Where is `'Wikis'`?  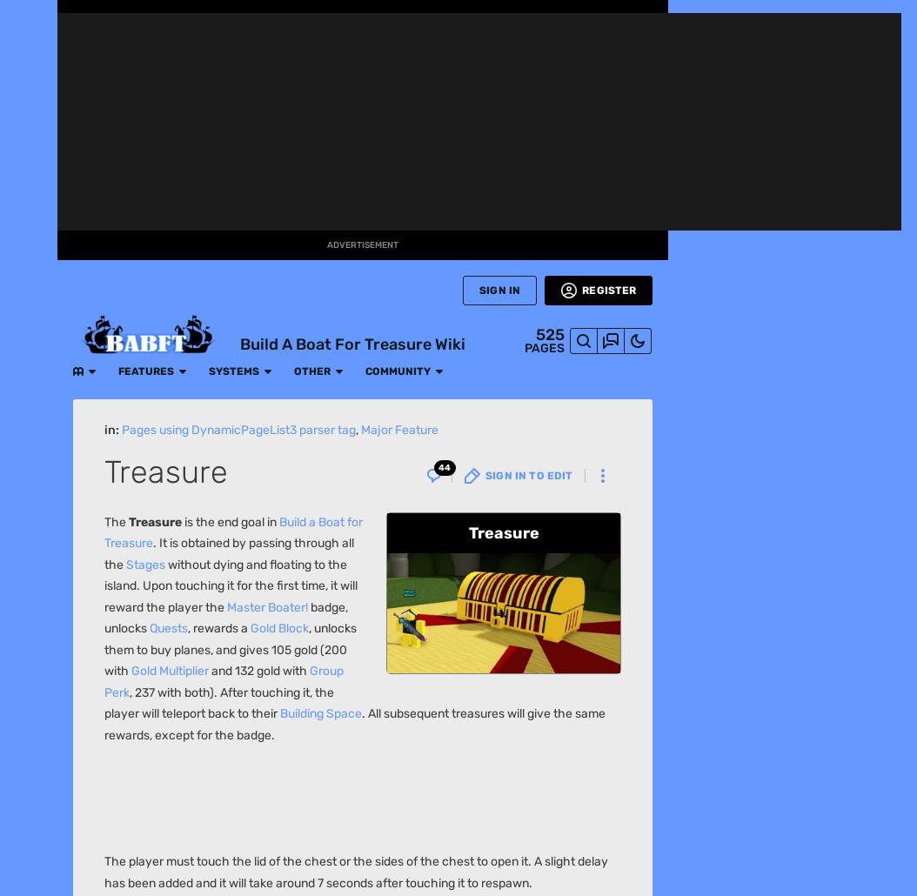
'Wikis' is located at coordinates (28, 558).